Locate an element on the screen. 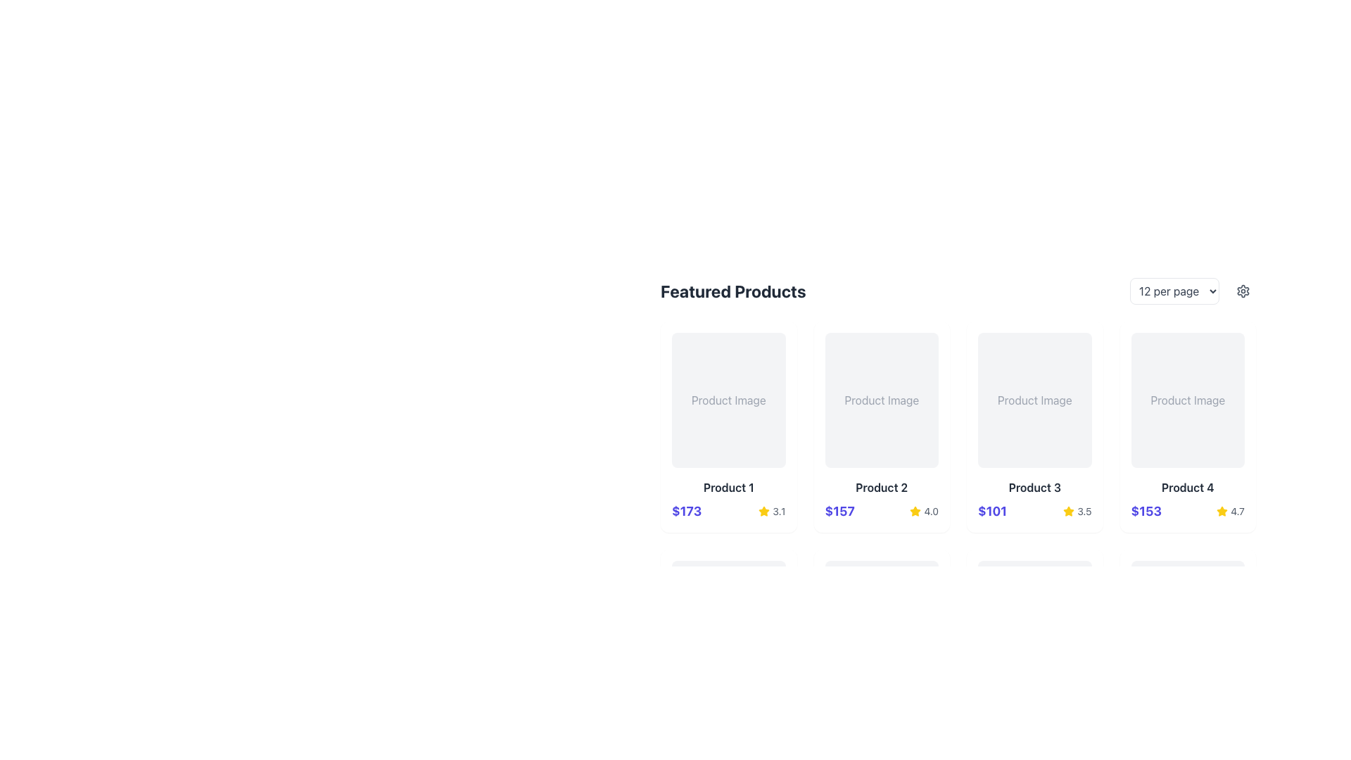  average rating text displayed for 'Product 2', which is located next to the yellow star icon in the rating display area of the 'Featured Products' section is located at coordinates (931, 511).